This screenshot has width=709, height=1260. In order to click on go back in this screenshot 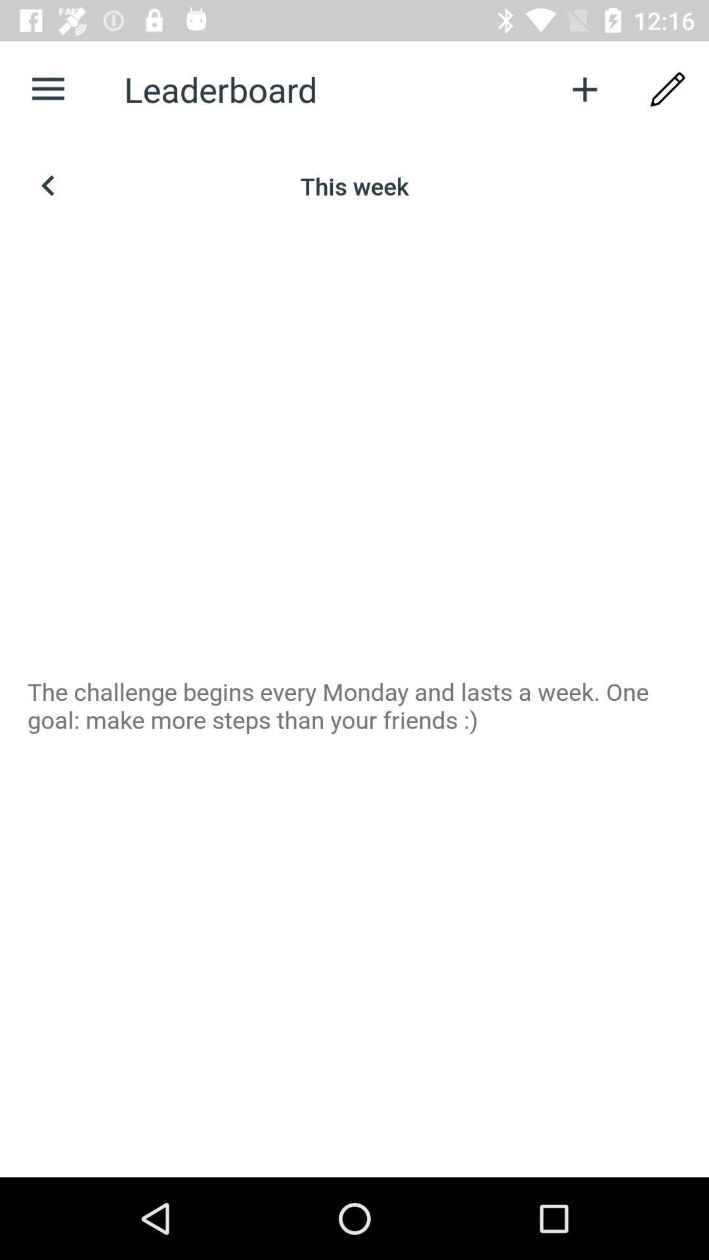, I will do `click(47, 185)`.